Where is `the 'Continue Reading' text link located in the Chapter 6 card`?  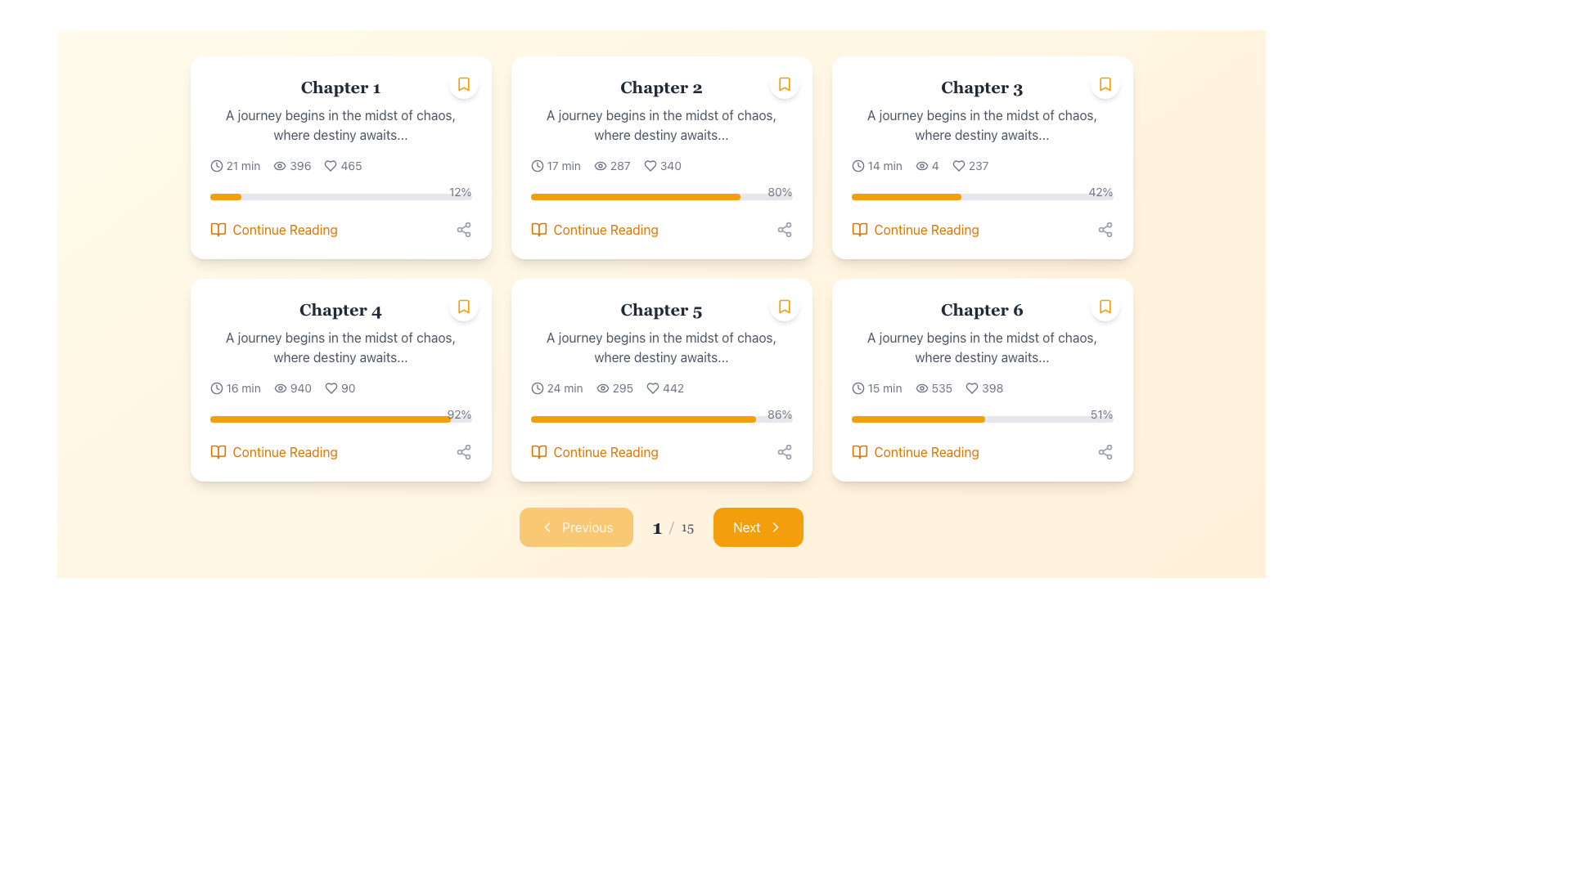
the 'Continue Reading' text link located in the Chapter 6 card is located at coordinates (926, 451).